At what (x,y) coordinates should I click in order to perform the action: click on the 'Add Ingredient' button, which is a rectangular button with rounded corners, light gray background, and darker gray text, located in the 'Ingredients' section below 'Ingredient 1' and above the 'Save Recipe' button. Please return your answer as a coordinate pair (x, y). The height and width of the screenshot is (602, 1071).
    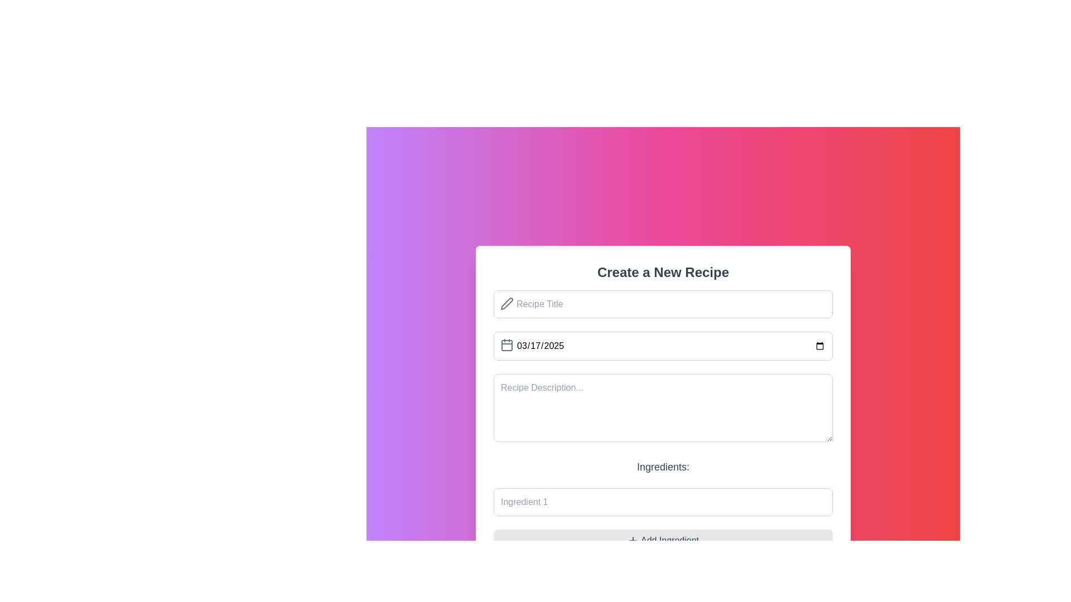
    Looking at the image, I should click on (663, 540).